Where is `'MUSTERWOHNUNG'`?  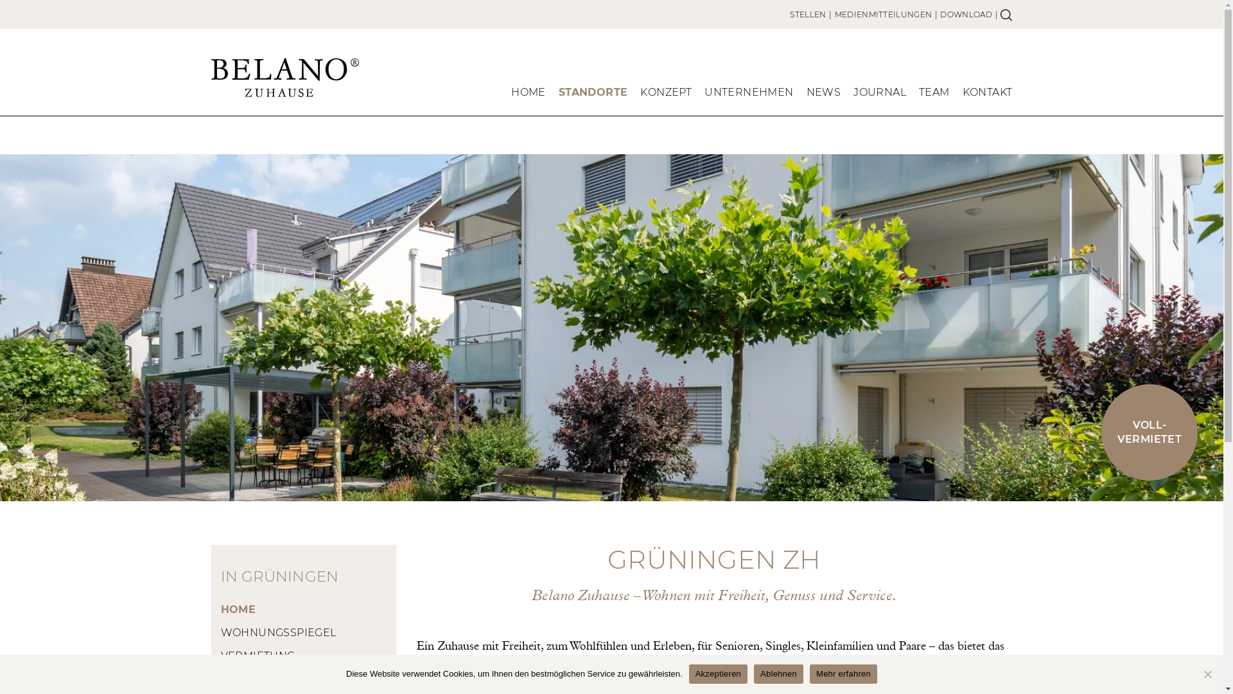 'MUSTERWOHNUNG' is located at coordinates (303, 678).